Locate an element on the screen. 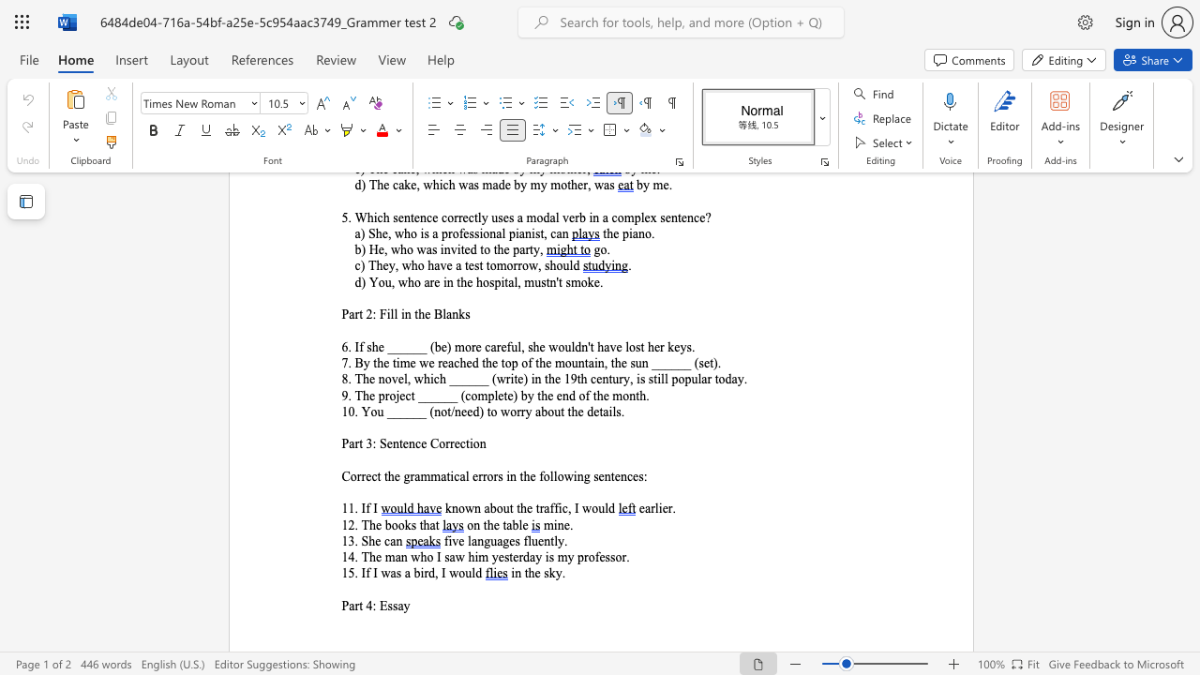  the space between the continuous character "h" and "a" in the text is located at coordinates (428, 525).